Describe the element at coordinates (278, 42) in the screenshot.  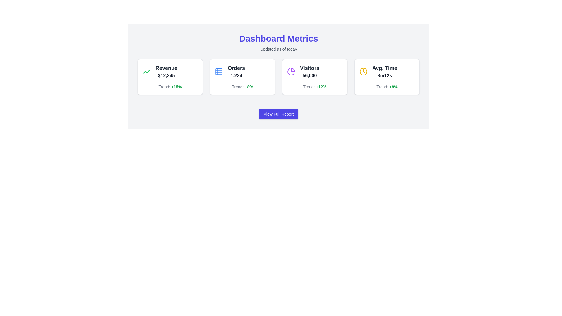
I see `the Text header component at the top-center of the dashboard that labels the metrics and informs about the data's scope and update date` at that location.